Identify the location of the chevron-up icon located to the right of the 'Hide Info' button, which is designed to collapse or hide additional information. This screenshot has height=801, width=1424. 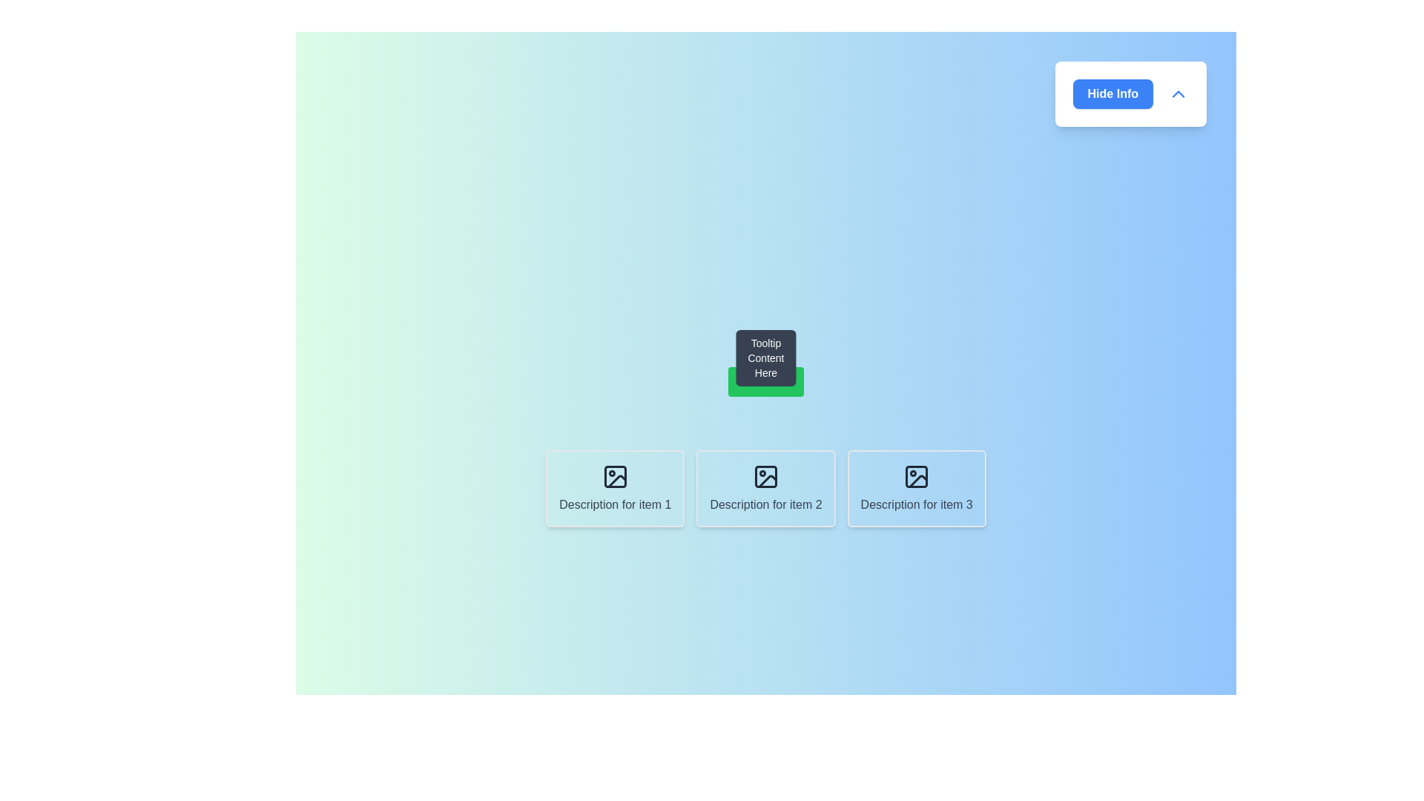
(1177, 94).